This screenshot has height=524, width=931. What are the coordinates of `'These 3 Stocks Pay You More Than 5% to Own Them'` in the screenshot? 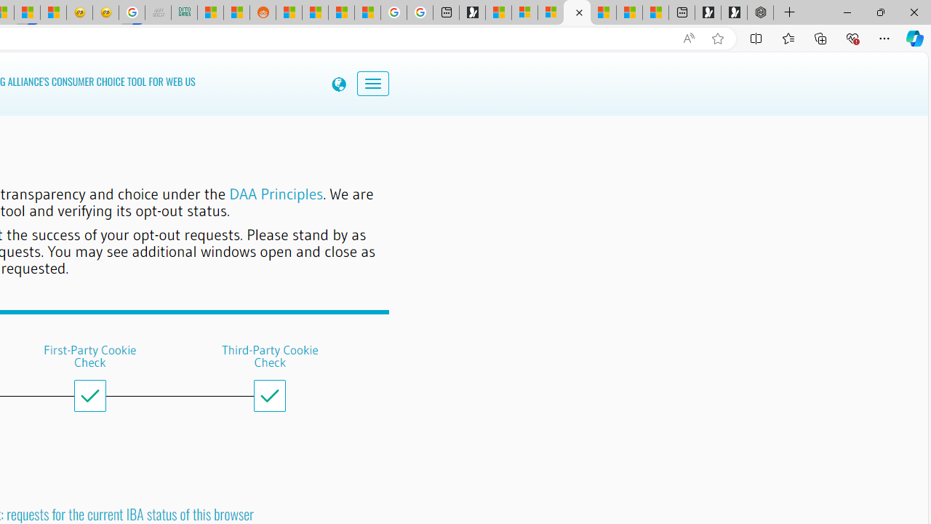 It's located at (655, 12).